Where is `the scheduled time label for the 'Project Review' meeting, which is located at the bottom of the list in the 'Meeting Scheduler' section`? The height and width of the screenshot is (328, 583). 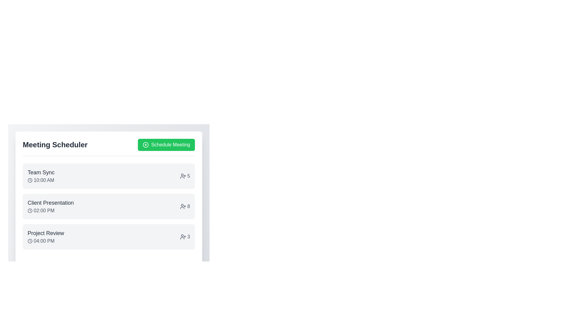
the scheduled time label for the 'Project Review' meeting, which is located at the bottom of the list in the 'Meeting Scheduler' section is located at coordinates (46, 241).